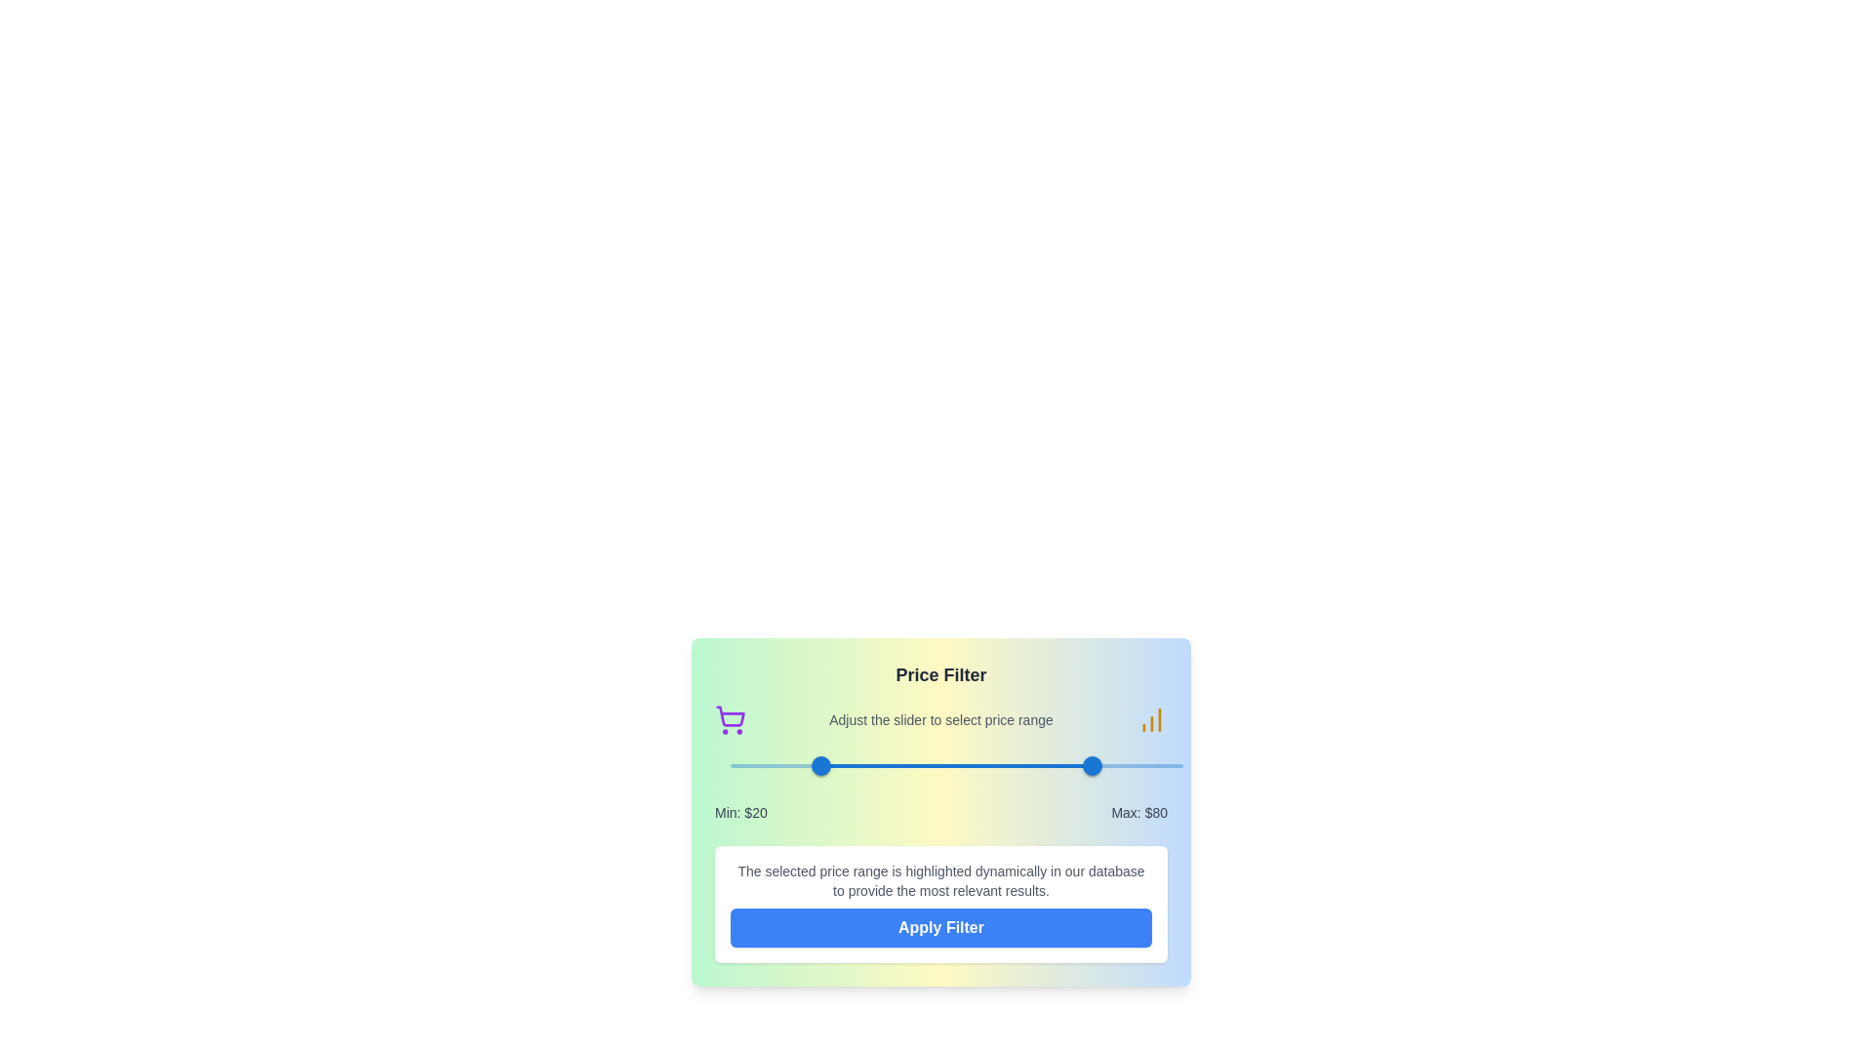  What do you see at coordinates (1096, 765) in the screenshot?
I see `slider value` at bounding box center [1096, 765].